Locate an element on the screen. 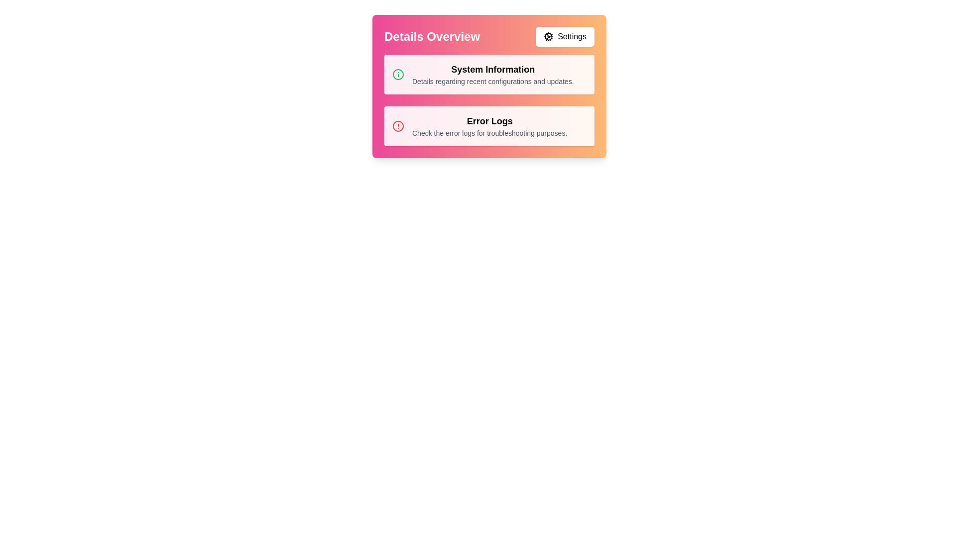 Image resolution: width=956 pixels, height=537 pixels. the Text Label that introduces the error logs section, located in the 'Details Overview' below the 'System Information' section is located at coordinates (489, 120).